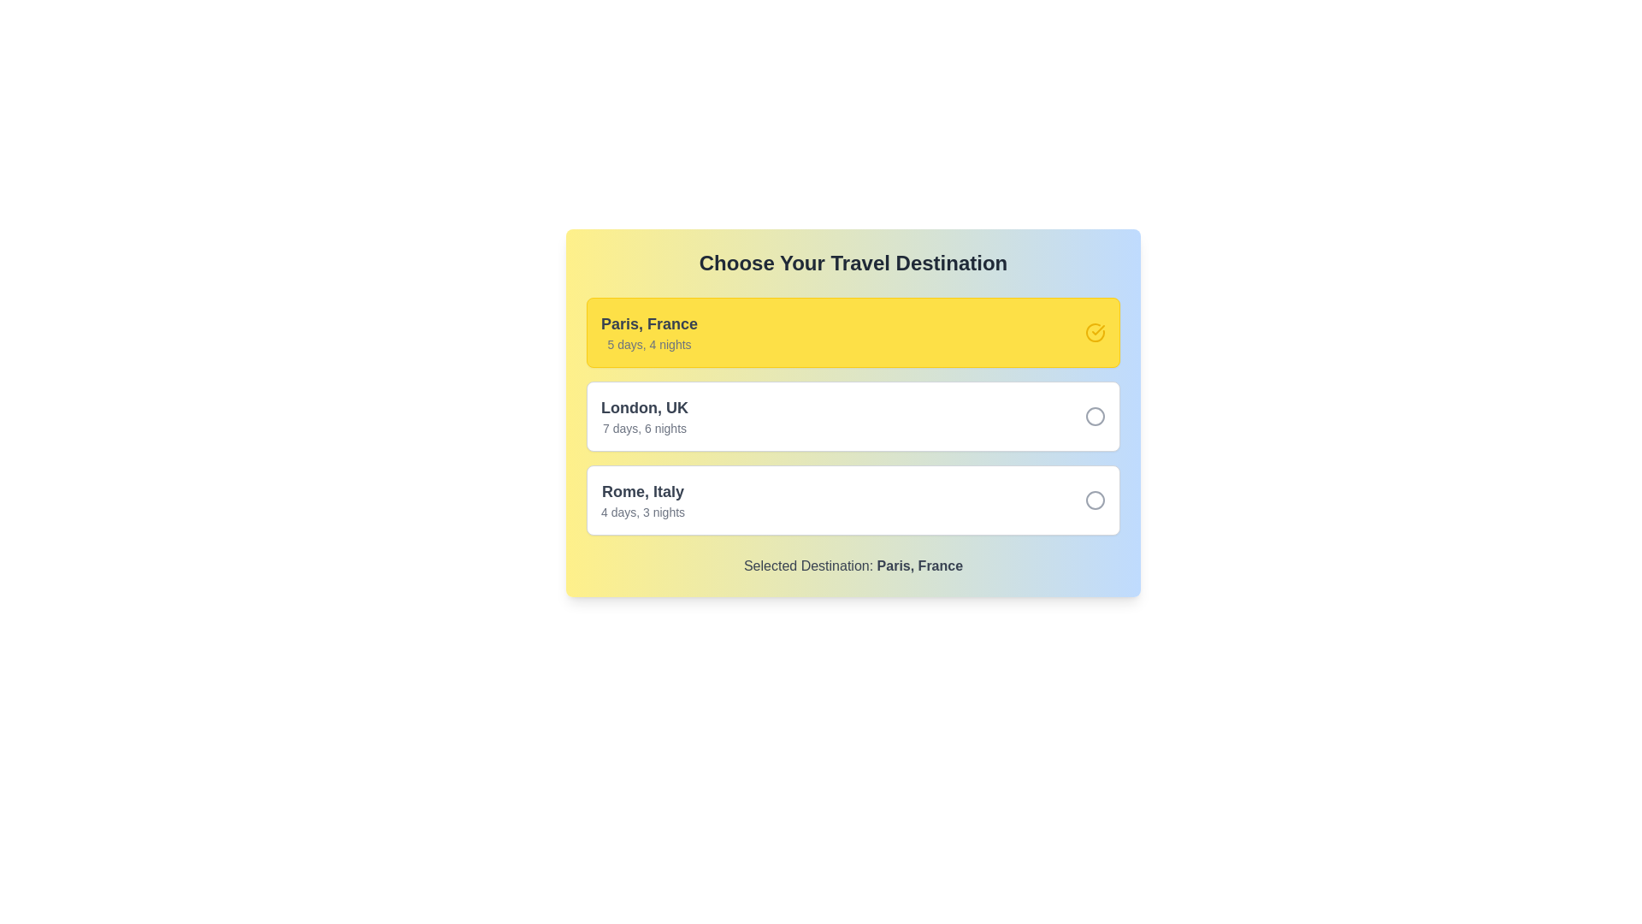 The width and height of the screenshot is (1642, 924). I want to click on the text display element that reads 'Selected Destination: Paris, France', which is styled in gray with 'Paris, France' bolded for emphasis, so click(853, 566).